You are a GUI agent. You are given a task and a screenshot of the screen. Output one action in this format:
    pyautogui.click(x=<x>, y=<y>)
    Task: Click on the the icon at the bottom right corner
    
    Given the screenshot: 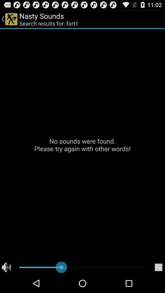 What is the action you would take?
    pyautogui.click(x=158, y=267)
    